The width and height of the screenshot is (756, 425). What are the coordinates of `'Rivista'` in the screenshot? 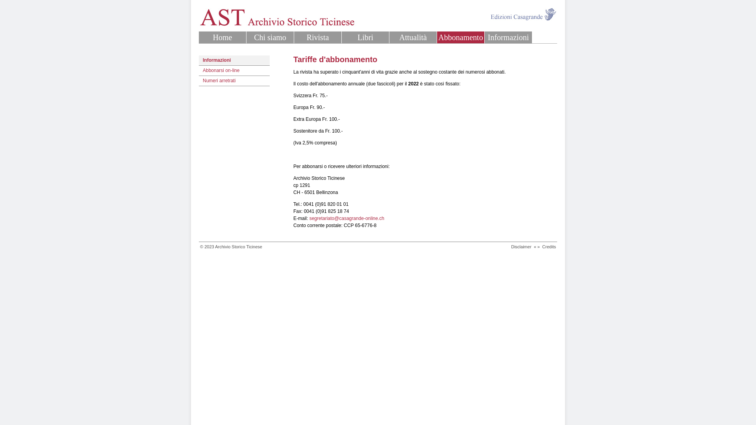 It's located at (317, 37).